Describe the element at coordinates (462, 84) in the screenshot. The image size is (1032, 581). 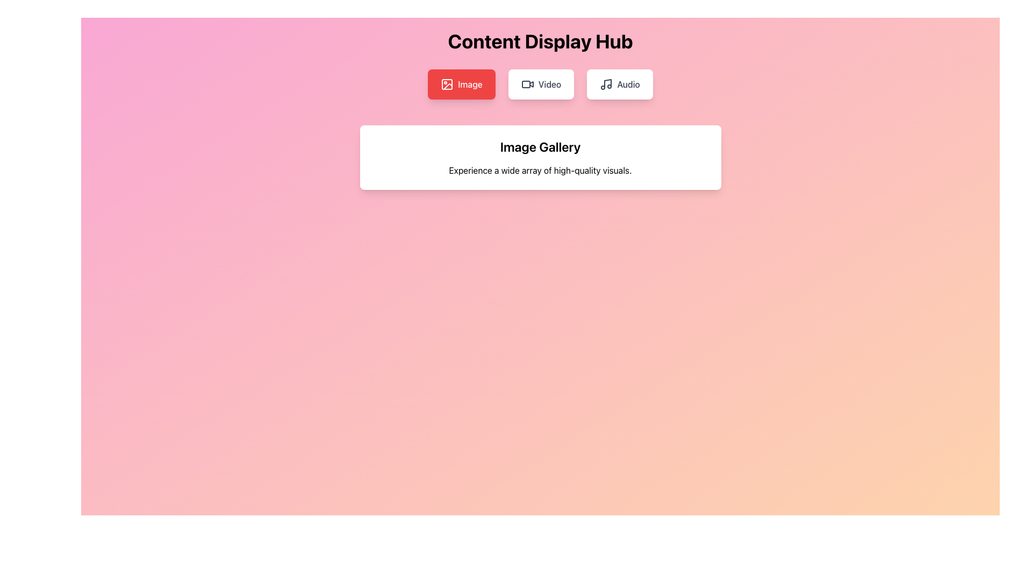
I see `the leftmost button styled with a red background and white text reading 'Image'` at that location.